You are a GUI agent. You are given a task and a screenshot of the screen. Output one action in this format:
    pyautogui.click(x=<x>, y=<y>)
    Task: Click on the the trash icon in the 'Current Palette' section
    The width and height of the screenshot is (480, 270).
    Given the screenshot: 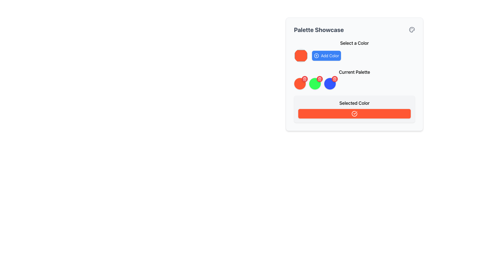 What is the action you would take?
    pyautogui.click(x=335, y=79)
    